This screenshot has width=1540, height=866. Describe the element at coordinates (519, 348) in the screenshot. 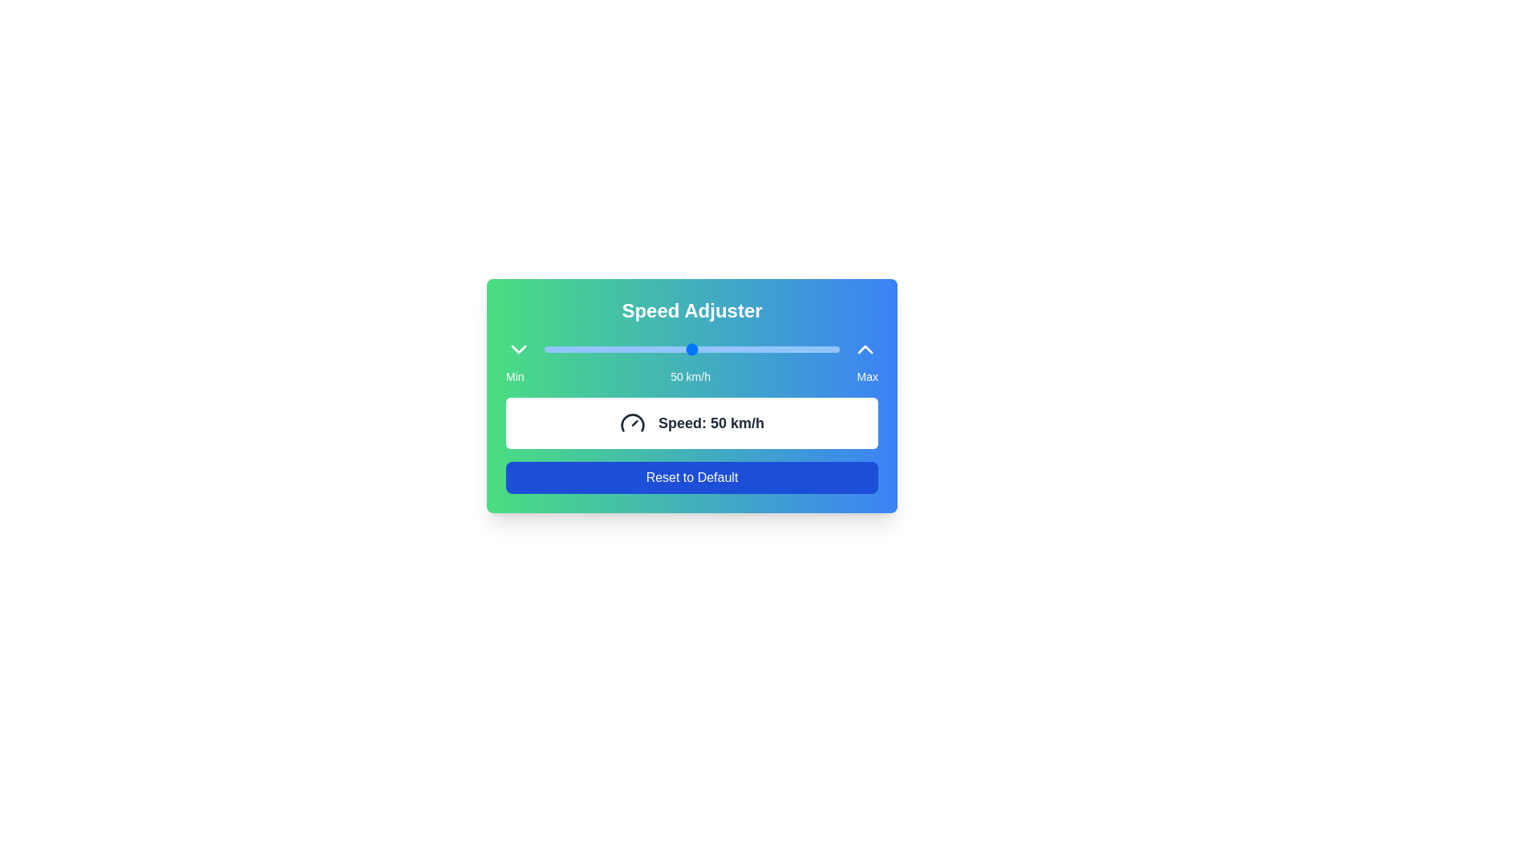

I see `the downward pointing arrow icon that is adjacent to the 'Speed Adjuster' text, indicating a dropdown menu or expanding section` at that location.